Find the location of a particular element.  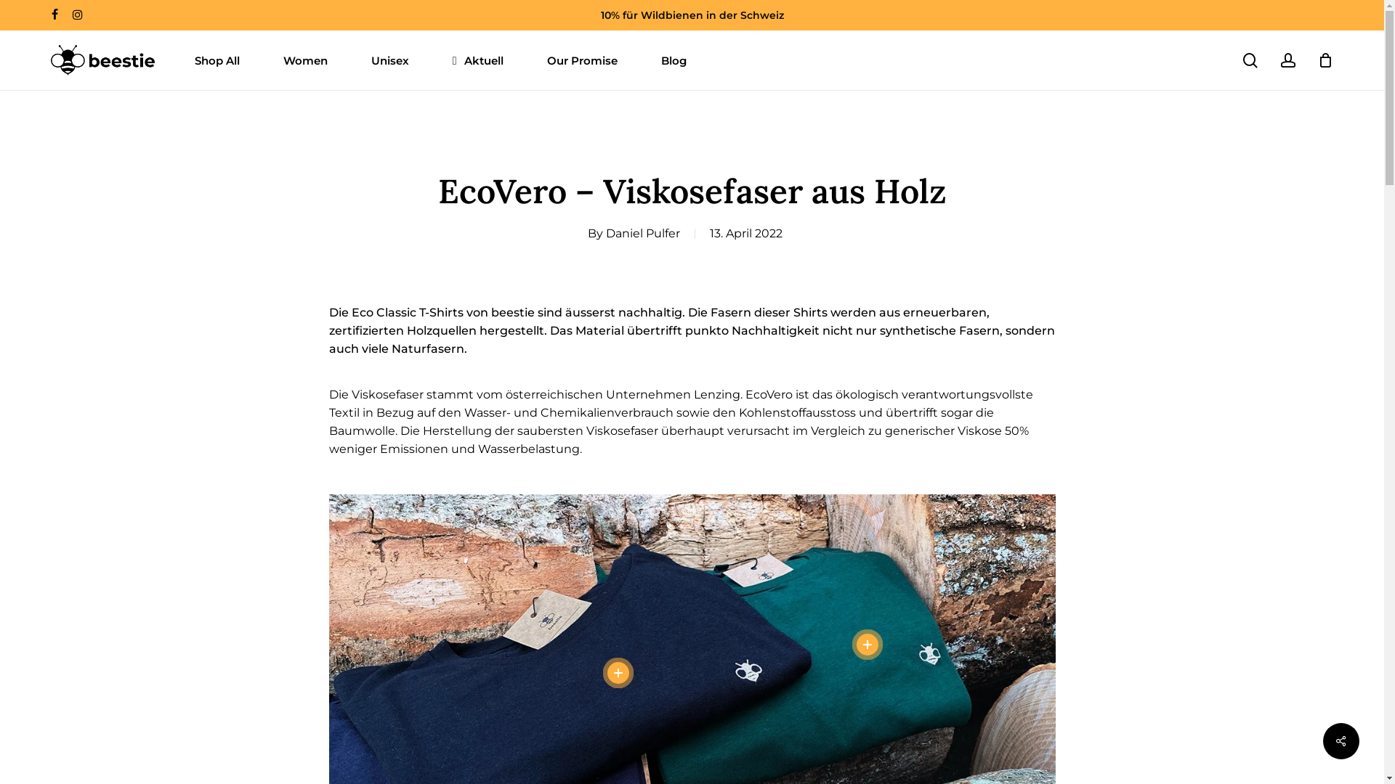

'account' is located at coordinates (1287, 59).